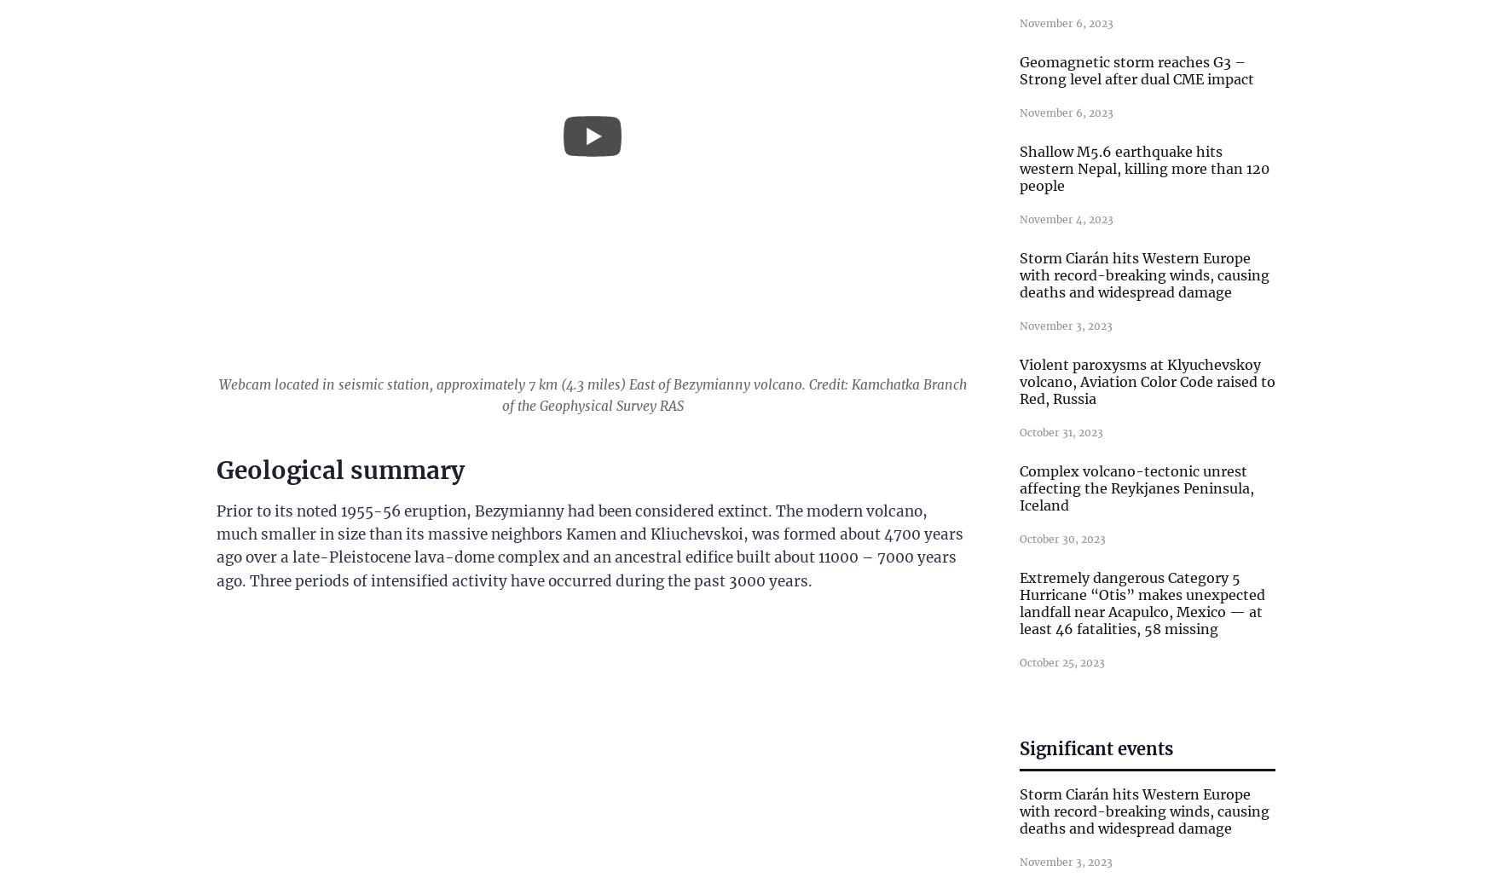  What do you see at coordinates (1019, 71) in the screenshot?
I see `'Geomagnetic storm reaches G3 – Strong level after dual CME impact'` at bounding box center [1019, 71].